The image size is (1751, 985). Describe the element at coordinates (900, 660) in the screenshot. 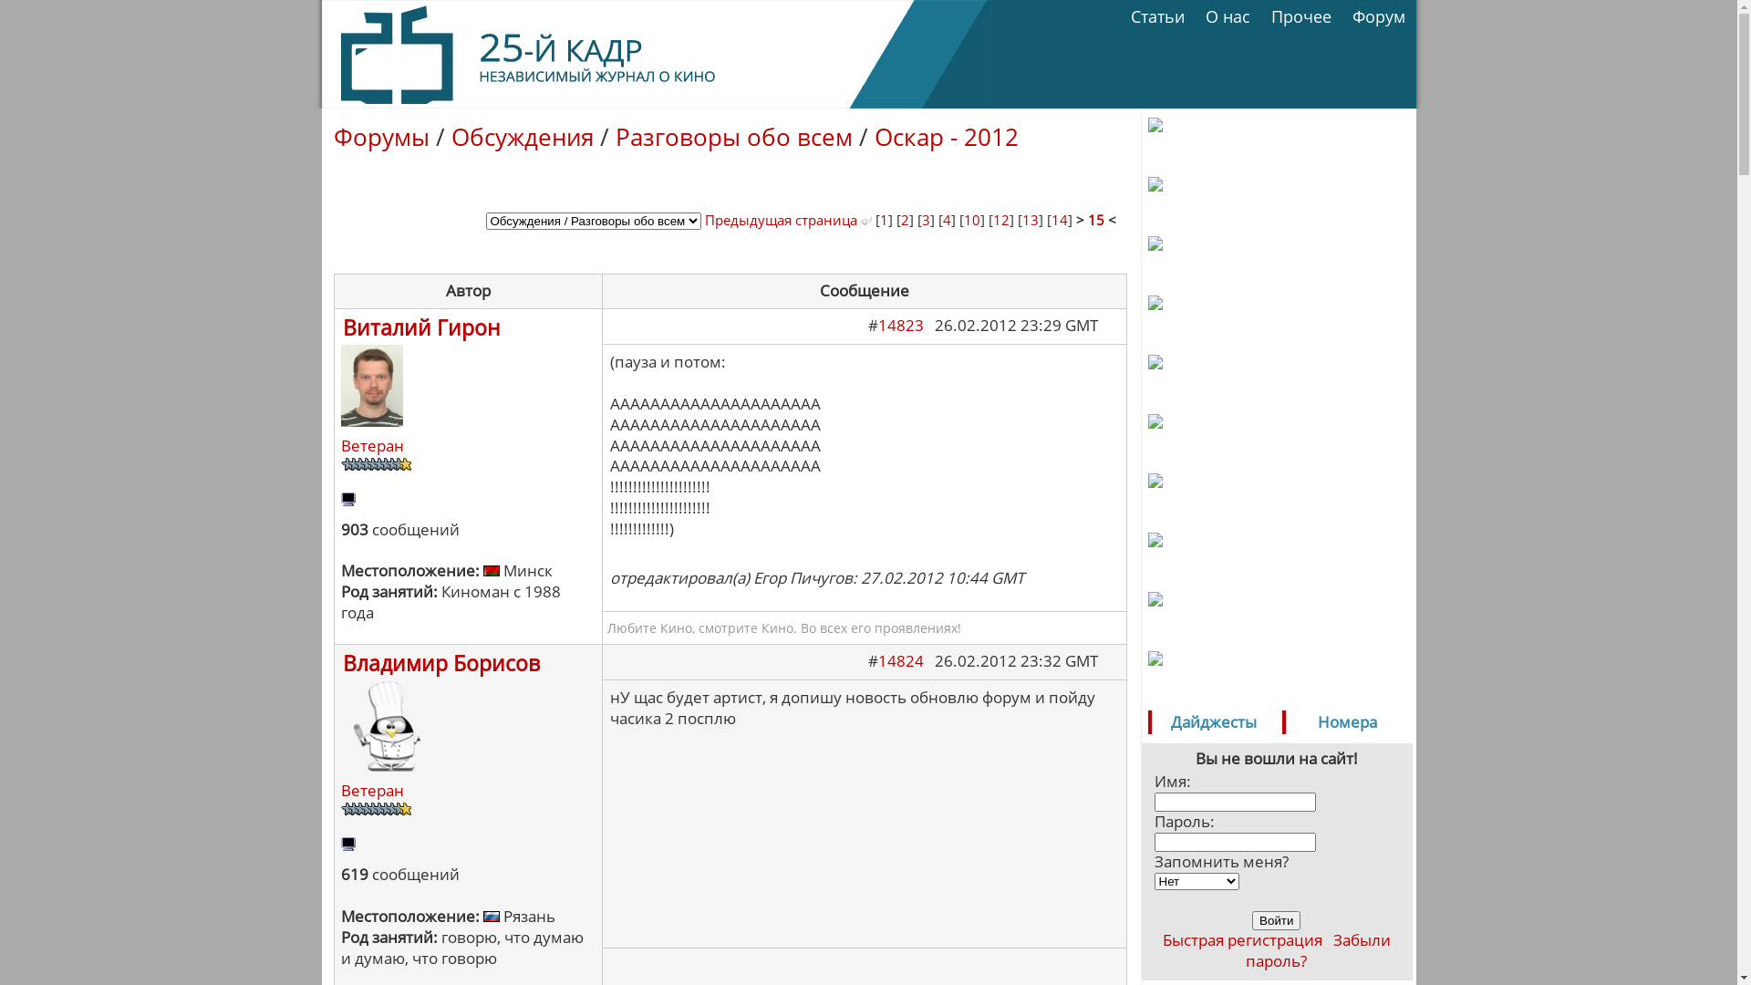

I see `'14824'` at that location.